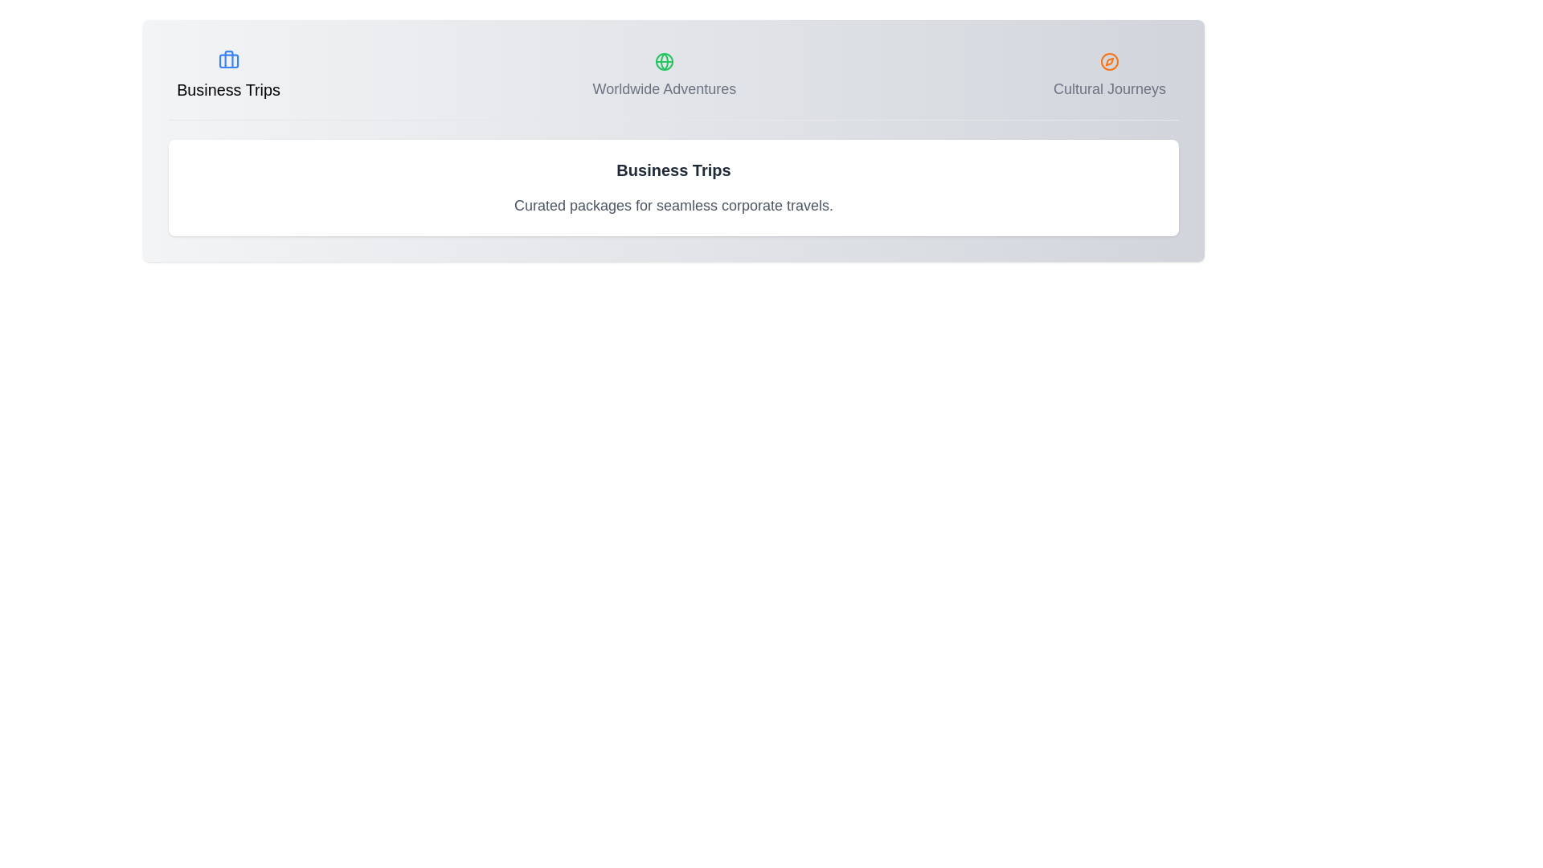 This screenshot has width=1543, height=868. I want to click on the tab labeled Business Trips, so click(227, 76).